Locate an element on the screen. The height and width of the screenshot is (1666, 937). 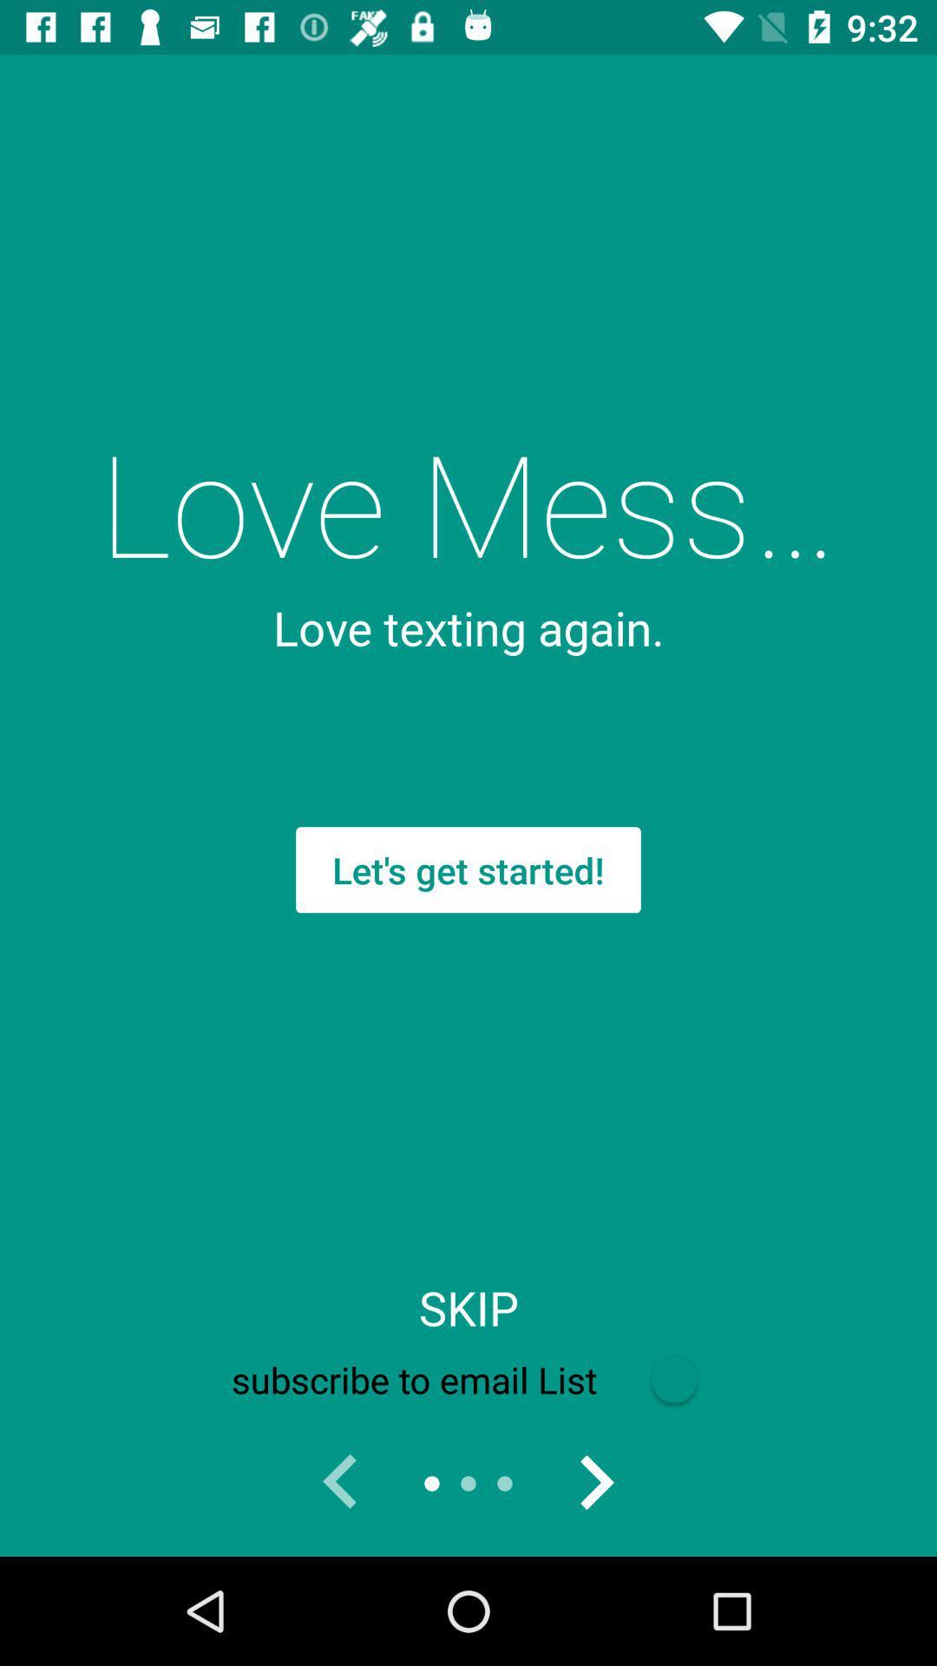
the arrow_backward icon is located at coordinates (341, 1482).